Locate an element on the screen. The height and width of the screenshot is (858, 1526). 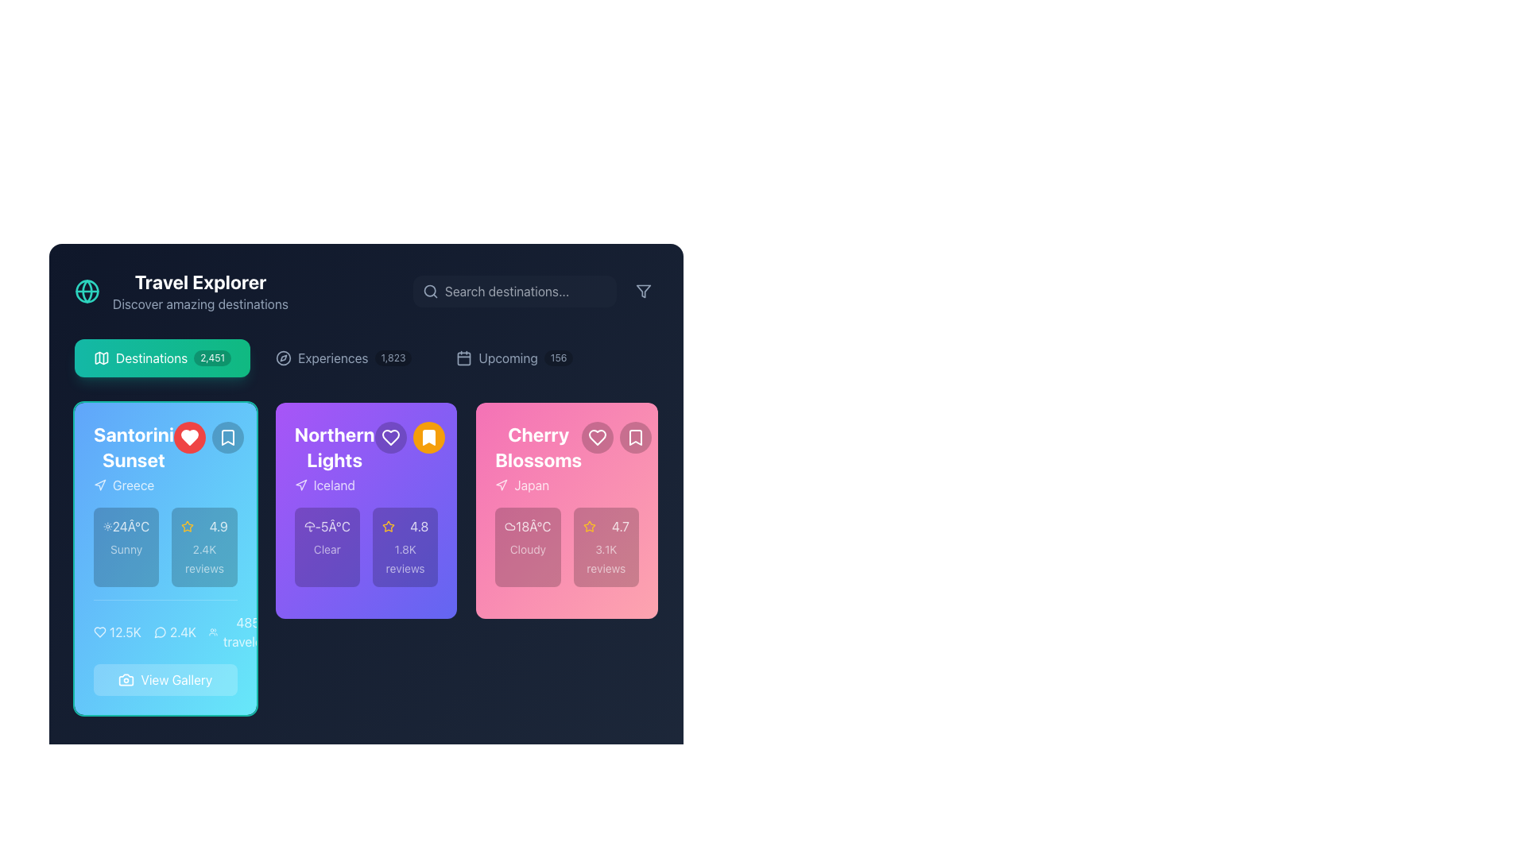
the destination name 'Northern Lights' card element is located at coordinates (365, 557).